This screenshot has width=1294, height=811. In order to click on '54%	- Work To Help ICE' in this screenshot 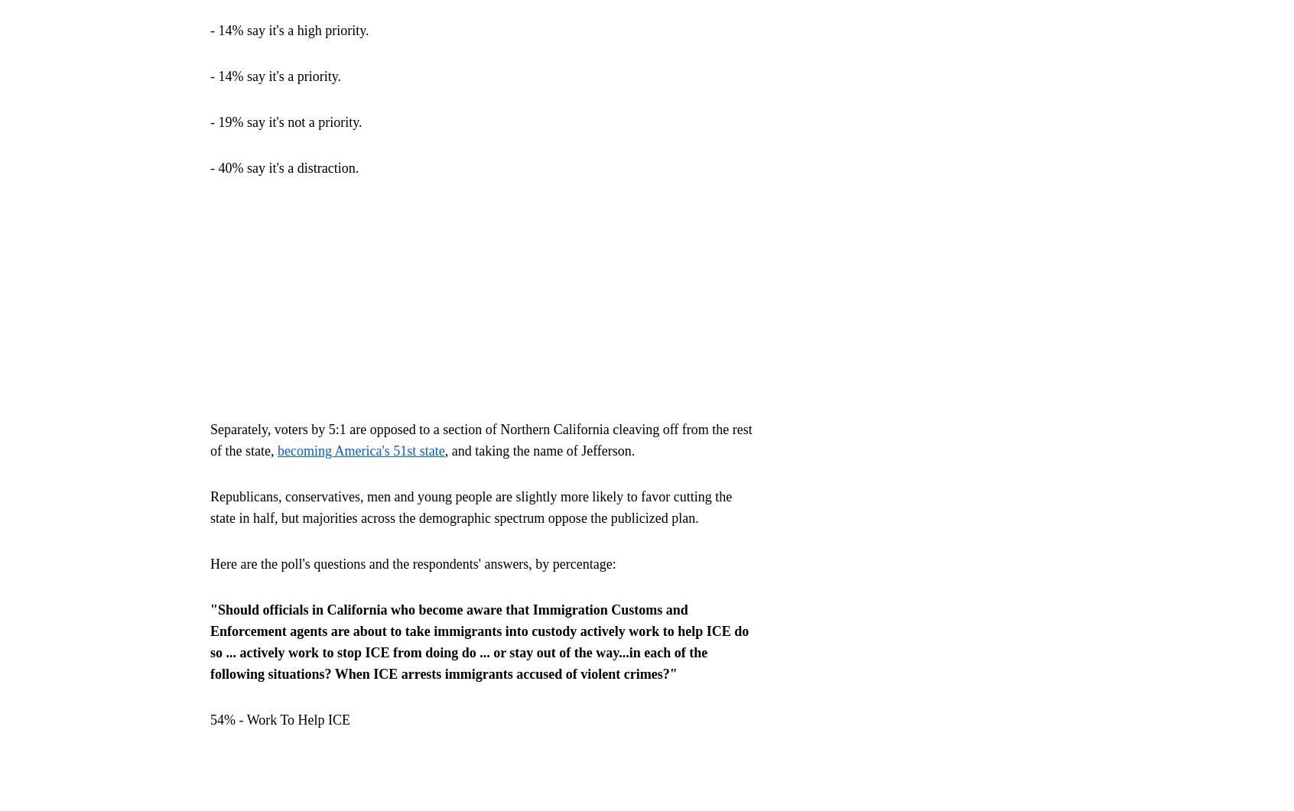, I will do `click(280, 719)`.